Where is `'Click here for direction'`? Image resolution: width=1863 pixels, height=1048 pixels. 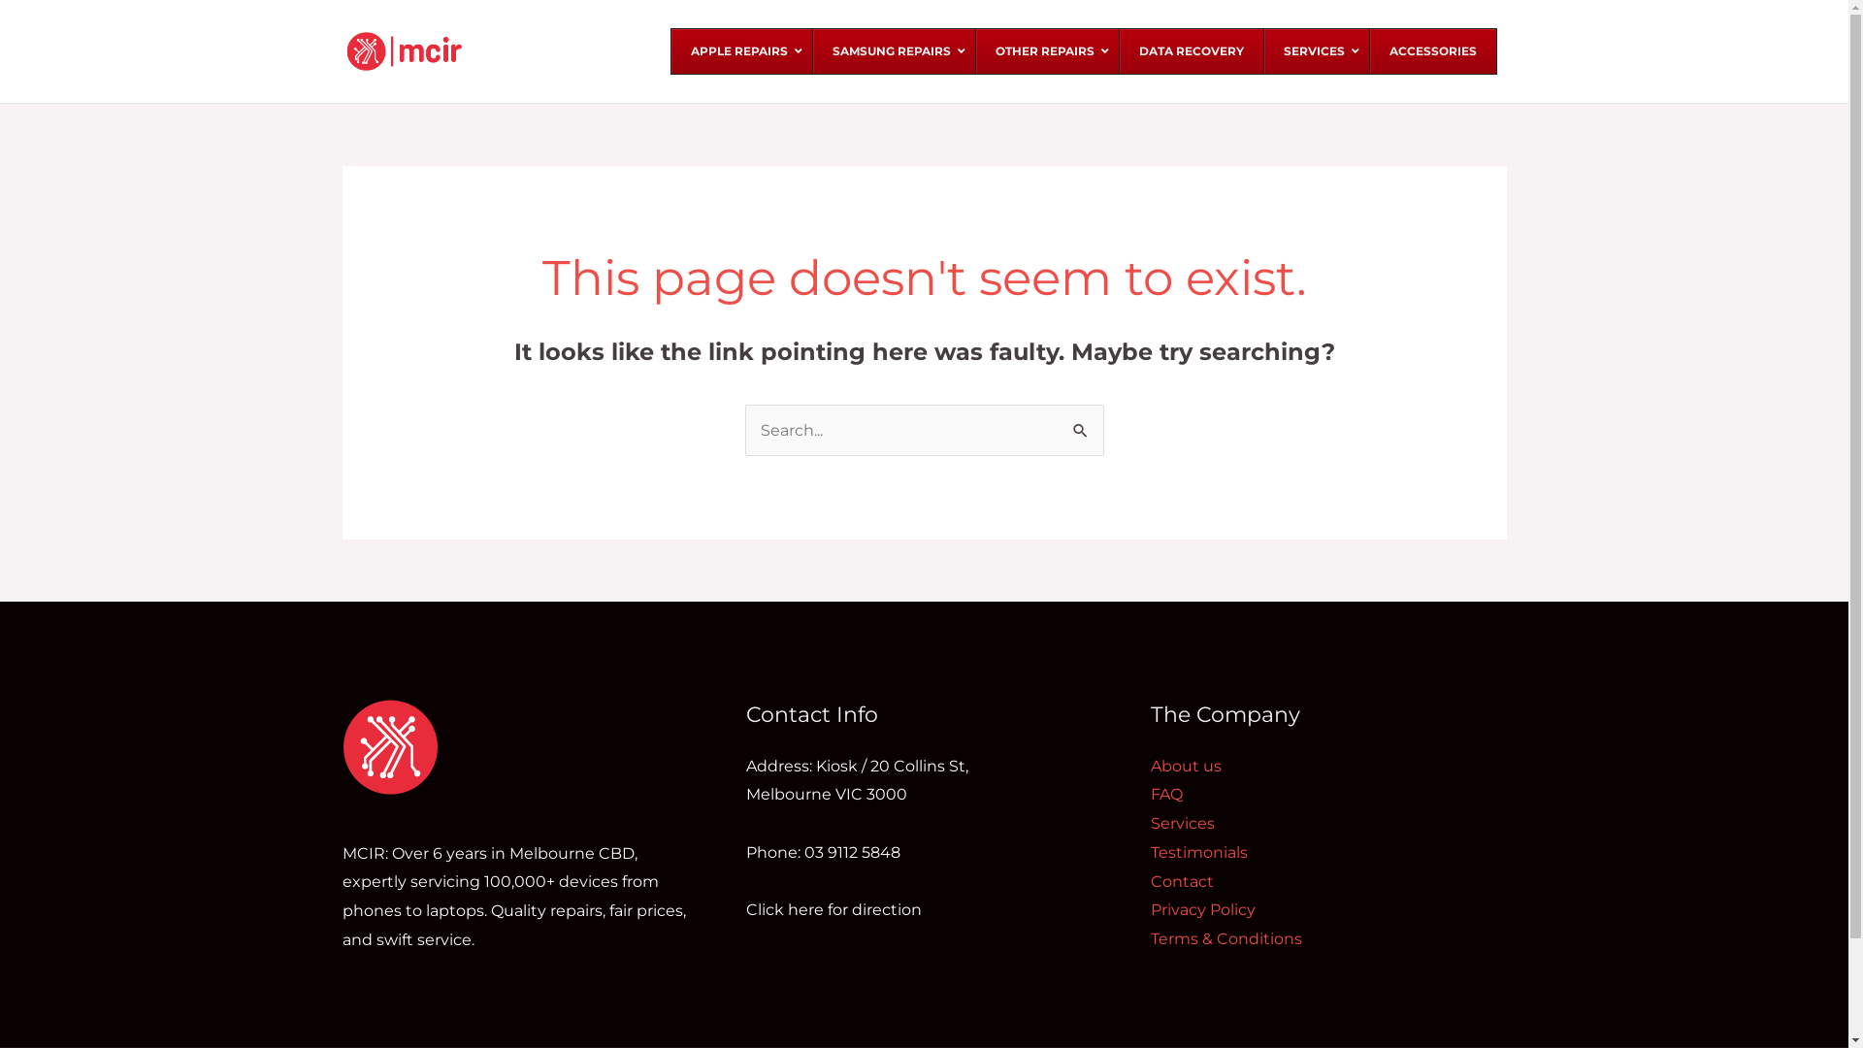 'Click here for direction' is located at coordinates (744, 923).